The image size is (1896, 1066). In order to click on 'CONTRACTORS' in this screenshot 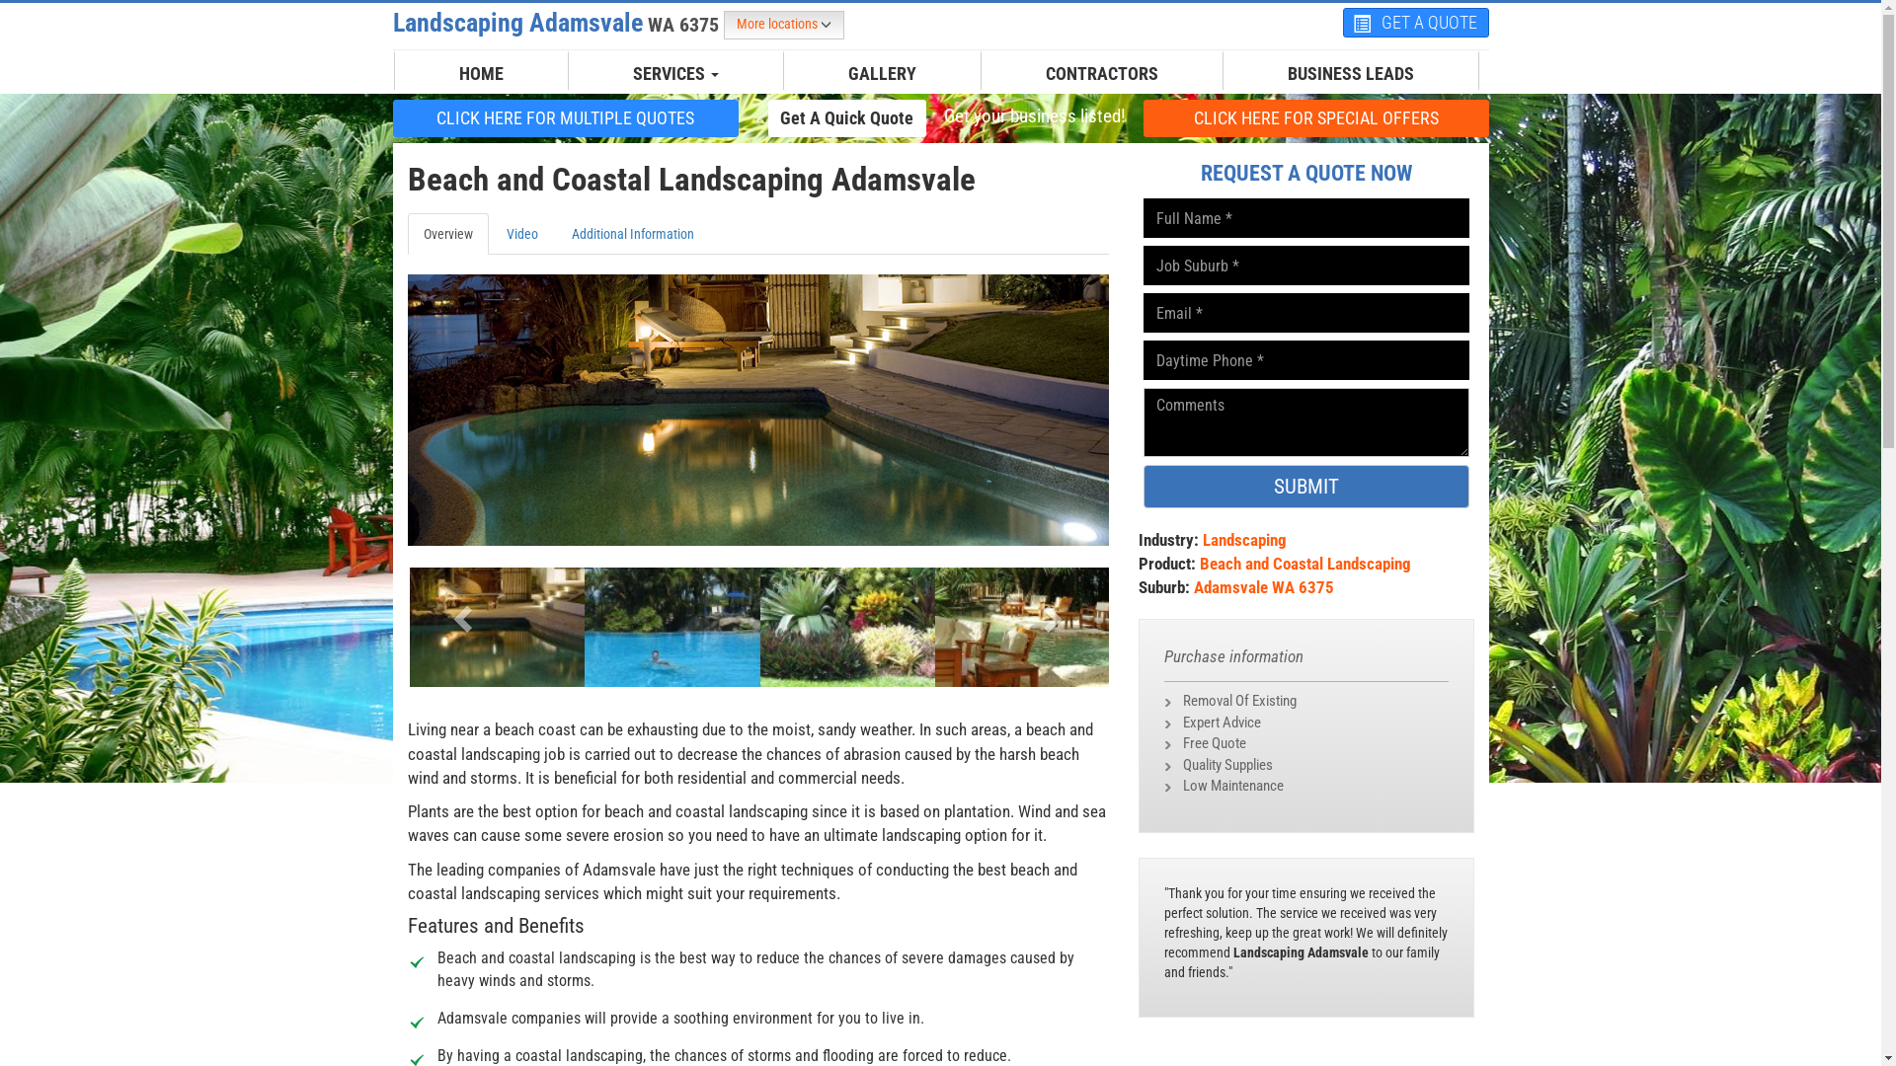, I will do `click(1101, 72)`.